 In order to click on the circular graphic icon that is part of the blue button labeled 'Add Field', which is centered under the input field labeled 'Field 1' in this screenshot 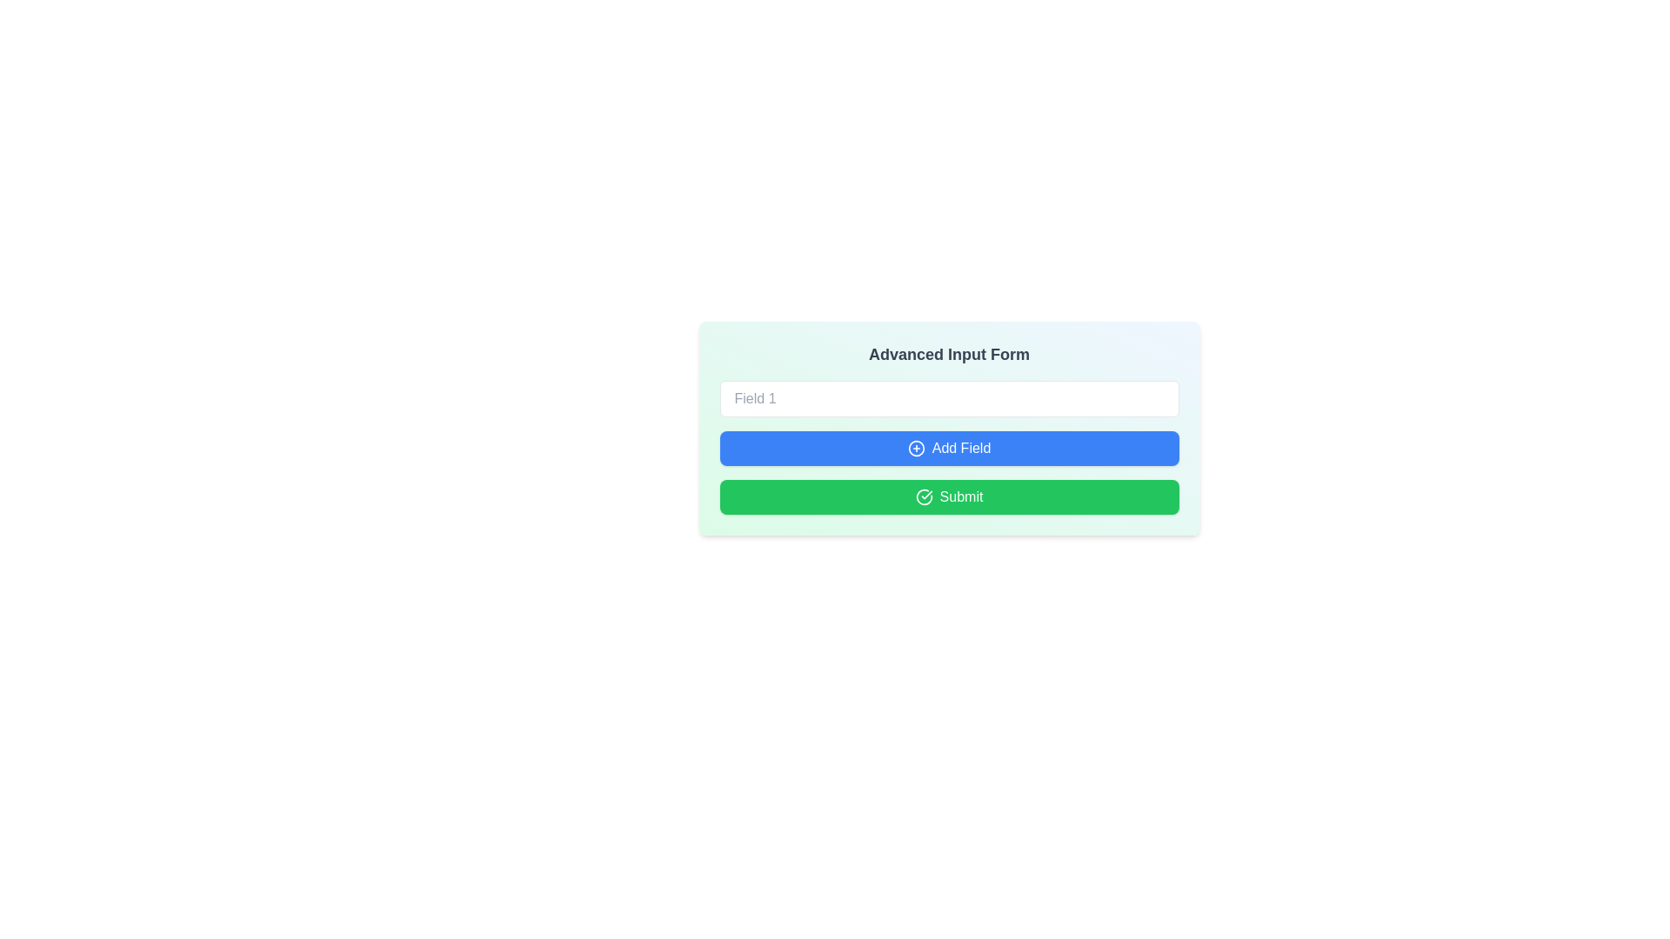, I will do `click(915, 448)`.